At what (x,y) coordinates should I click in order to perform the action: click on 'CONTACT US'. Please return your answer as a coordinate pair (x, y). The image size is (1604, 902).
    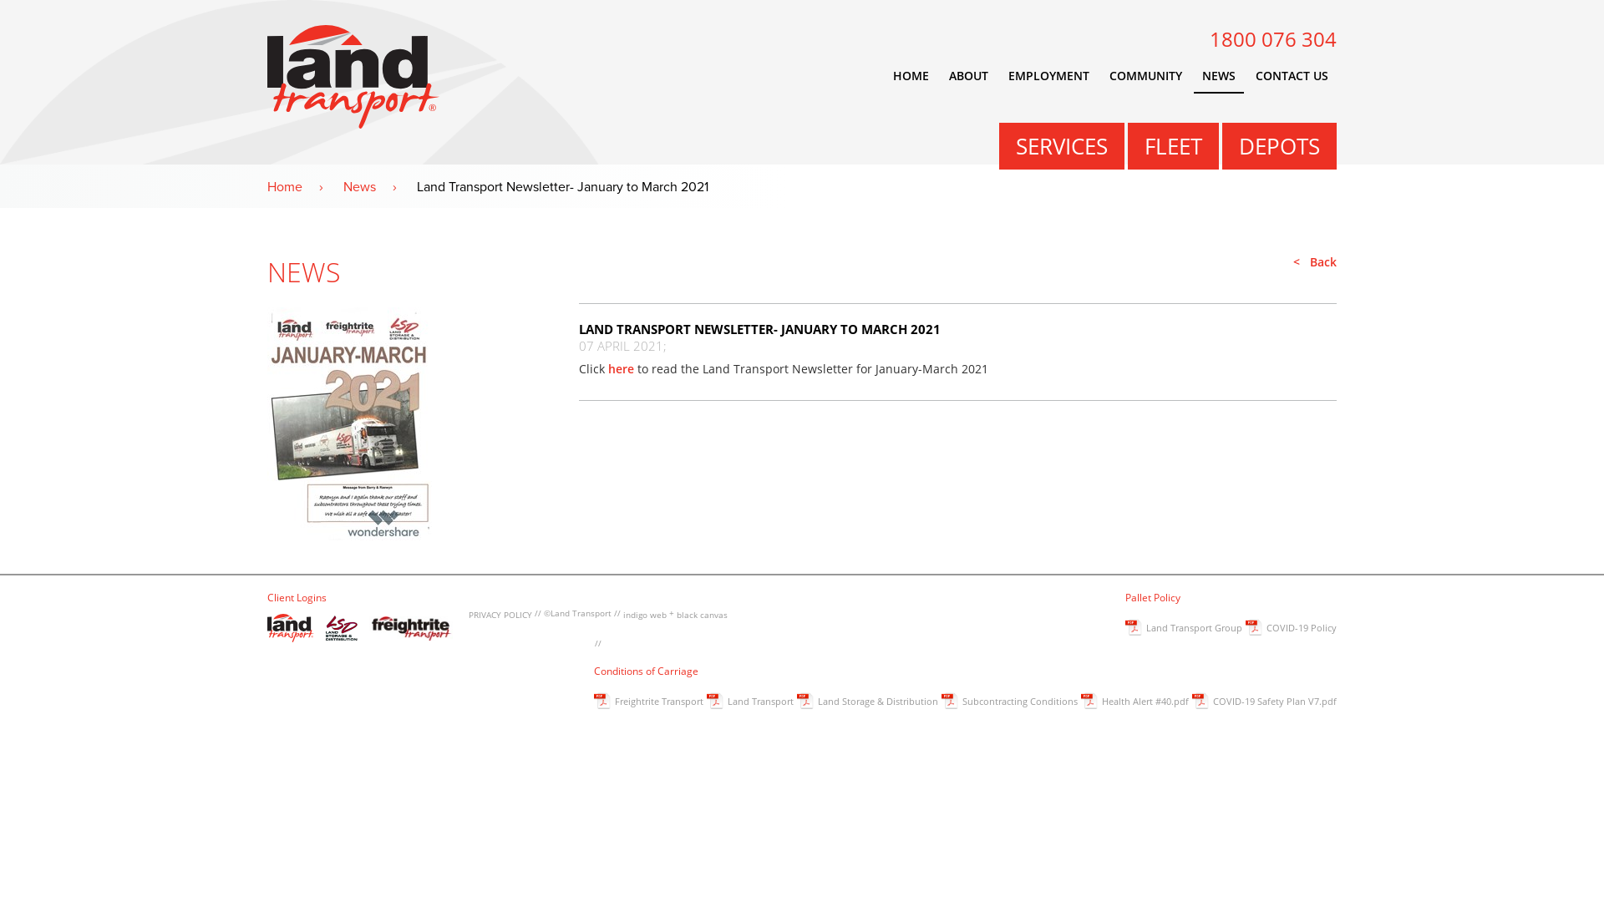
    Looking at the image, I should click on (1291, 76).